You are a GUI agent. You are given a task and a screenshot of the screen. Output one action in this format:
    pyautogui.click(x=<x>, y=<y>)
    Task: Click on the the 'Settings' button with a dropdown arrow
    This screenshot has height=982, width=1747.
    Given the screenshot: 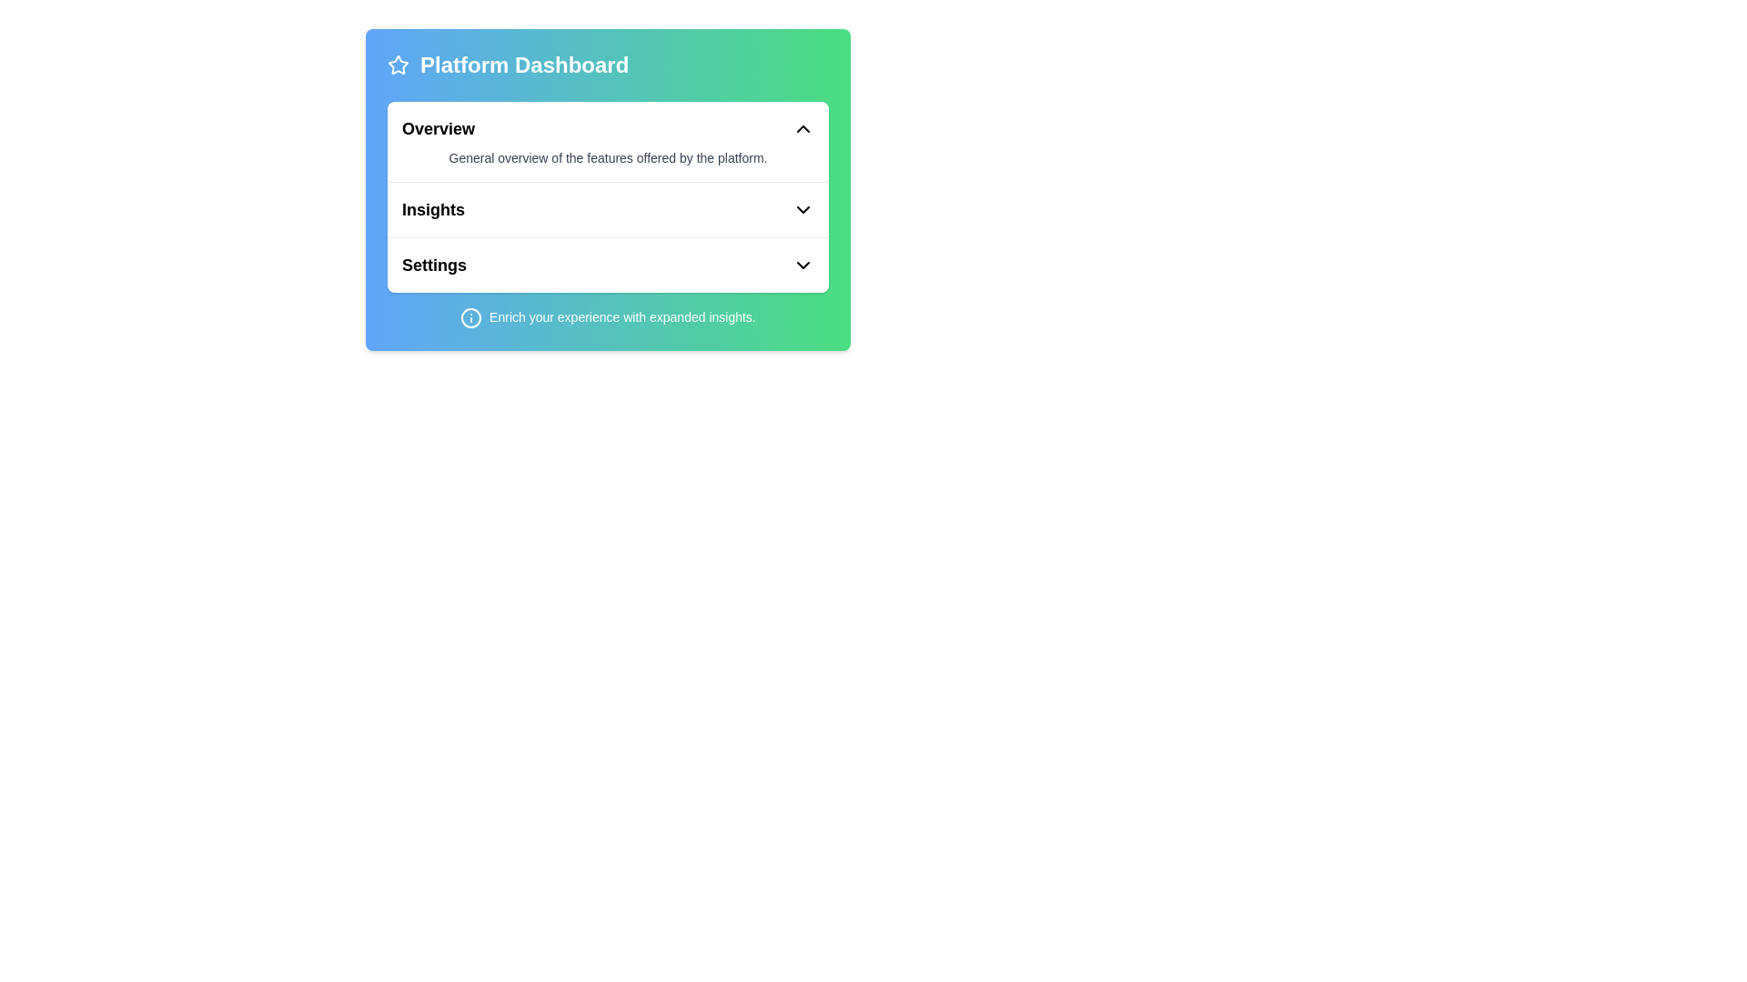 What is the action you would take?
    pyautogui.click(x=608, y=266)
    